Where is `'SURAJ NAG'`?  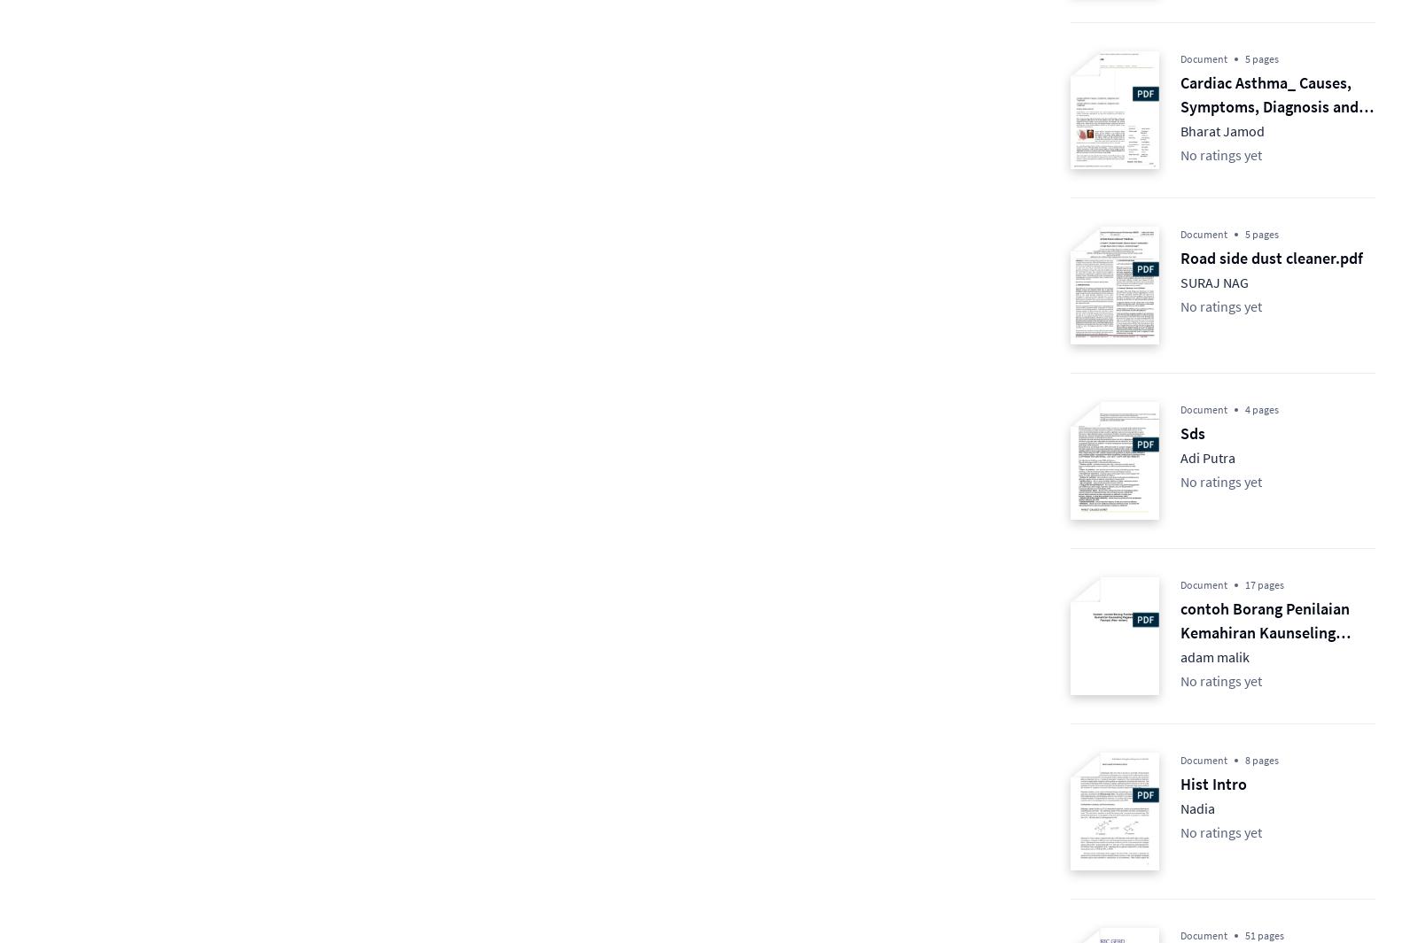 'SURAJ NAG' is located at coordinates (1213, 281).